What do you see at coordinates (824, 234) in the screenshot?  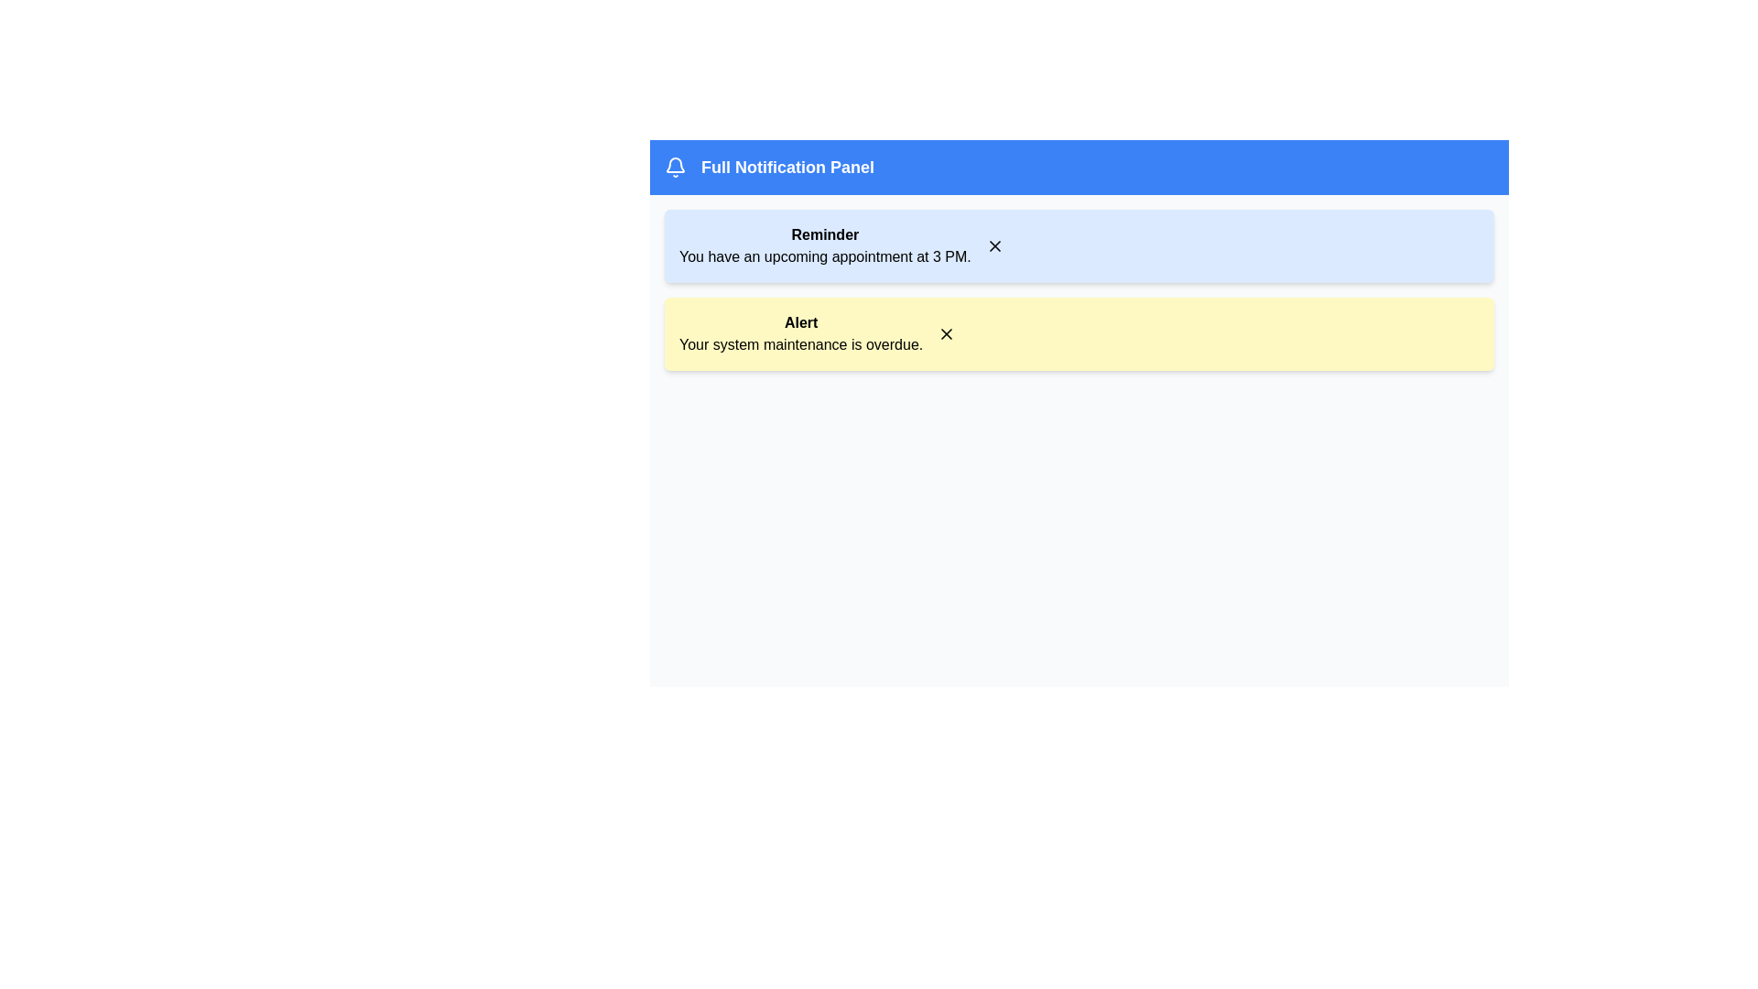 I see `text label that serves as the title or heading for the notification, positioned at the top-left area of the notification card, indicating the content's category or purpose` at bounding box center [824, 234].